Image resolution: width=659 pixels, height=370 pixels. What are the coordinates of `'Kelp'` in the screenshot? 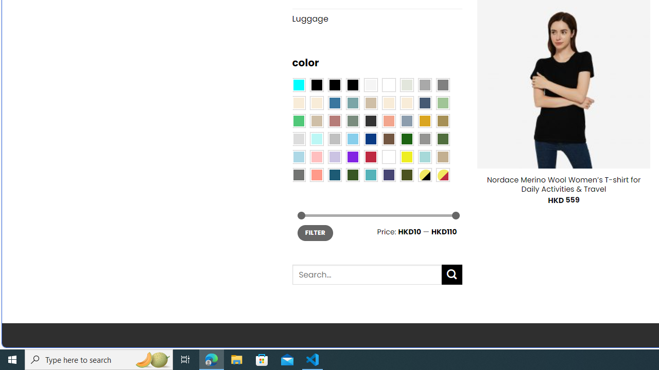 It's located at (443, 120).